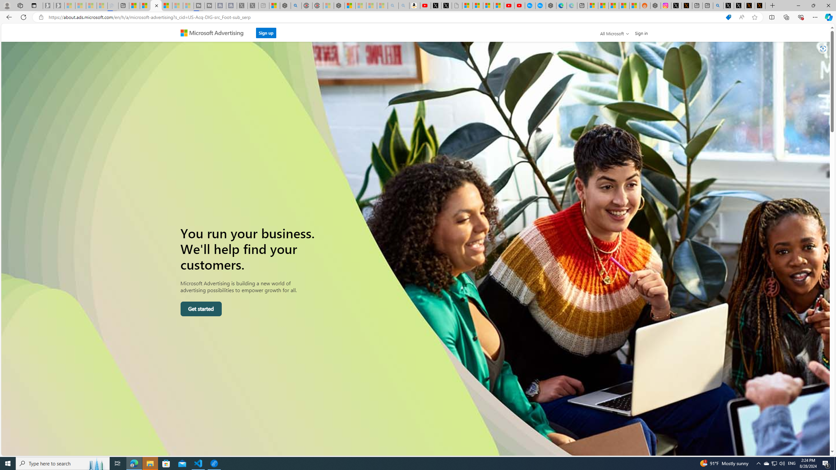 This screenshot has width=836, height=470. Describe the element at coordinates (266, 31) in the screenshot. I see `'Sign up'` at that location.